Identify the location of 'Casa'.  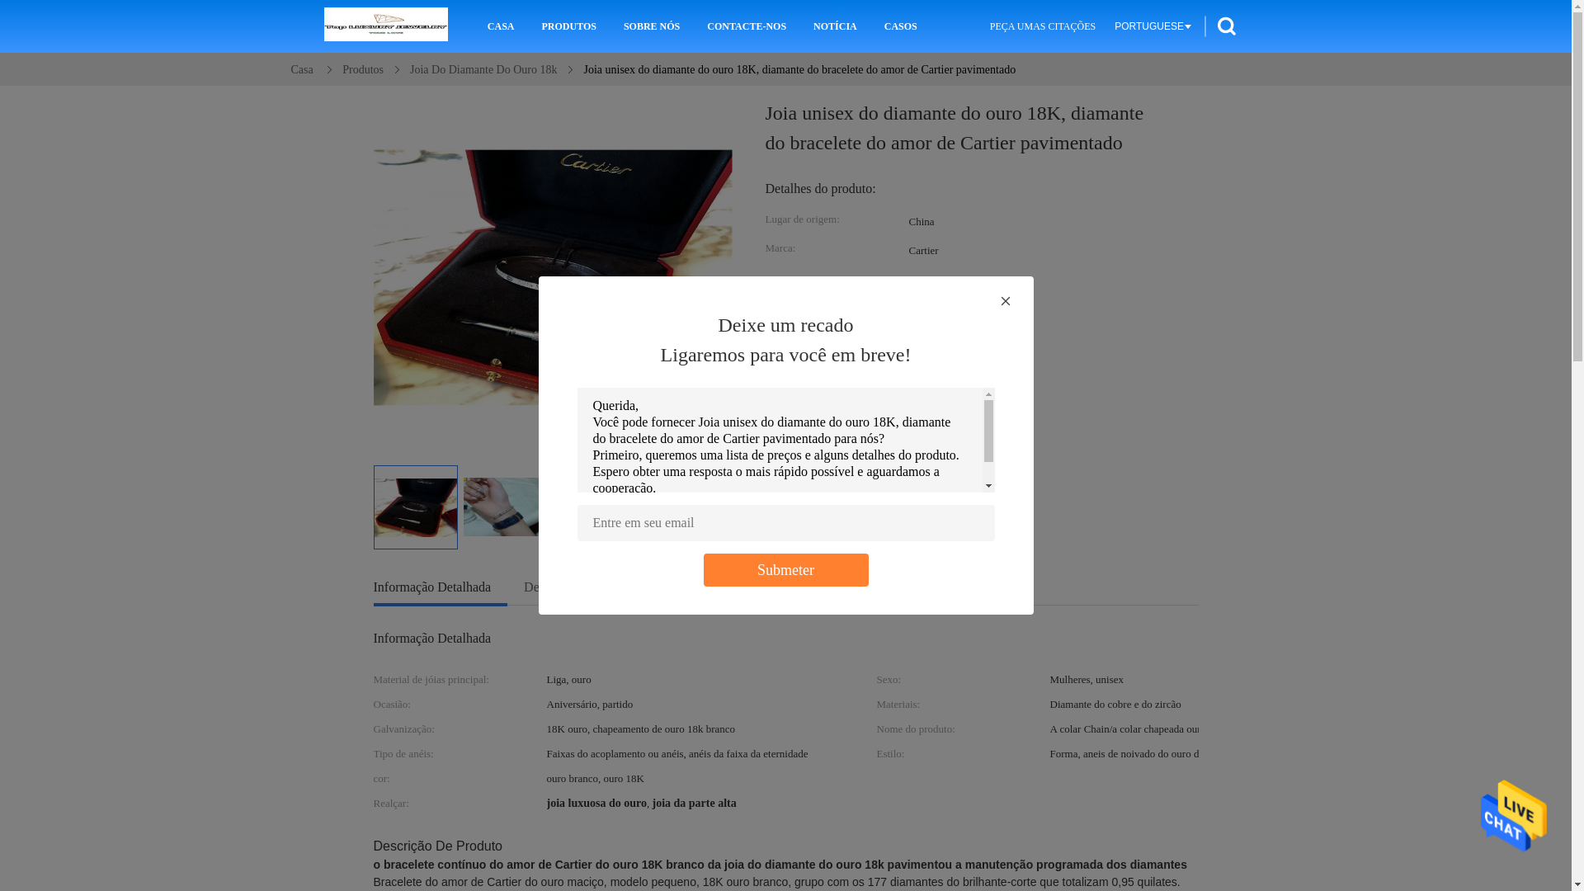
(301, 68).